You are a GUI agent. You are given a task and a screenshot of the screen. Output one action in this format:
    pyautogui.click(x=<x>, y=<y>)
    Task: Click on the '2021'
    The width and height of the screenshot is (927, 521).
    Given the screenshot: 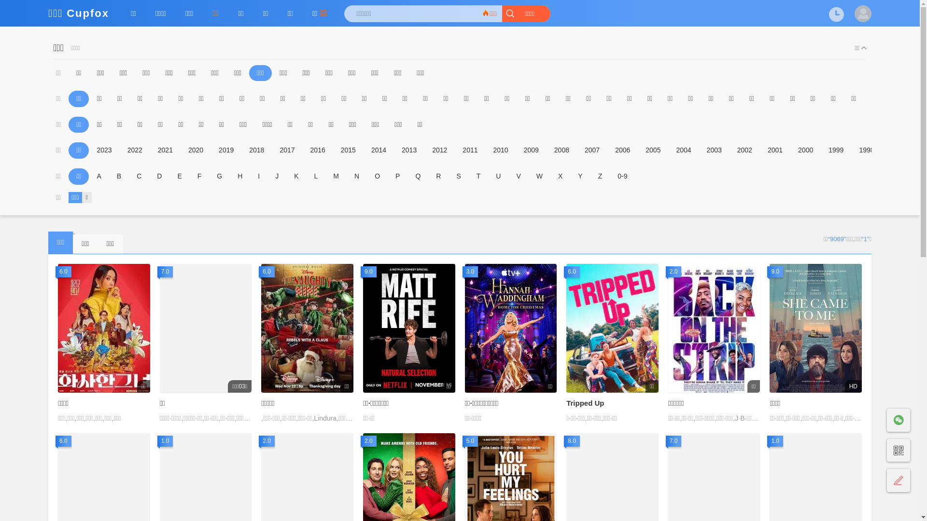 What is the action you would take?
    pyautogui.click(x=165, y=151)
    